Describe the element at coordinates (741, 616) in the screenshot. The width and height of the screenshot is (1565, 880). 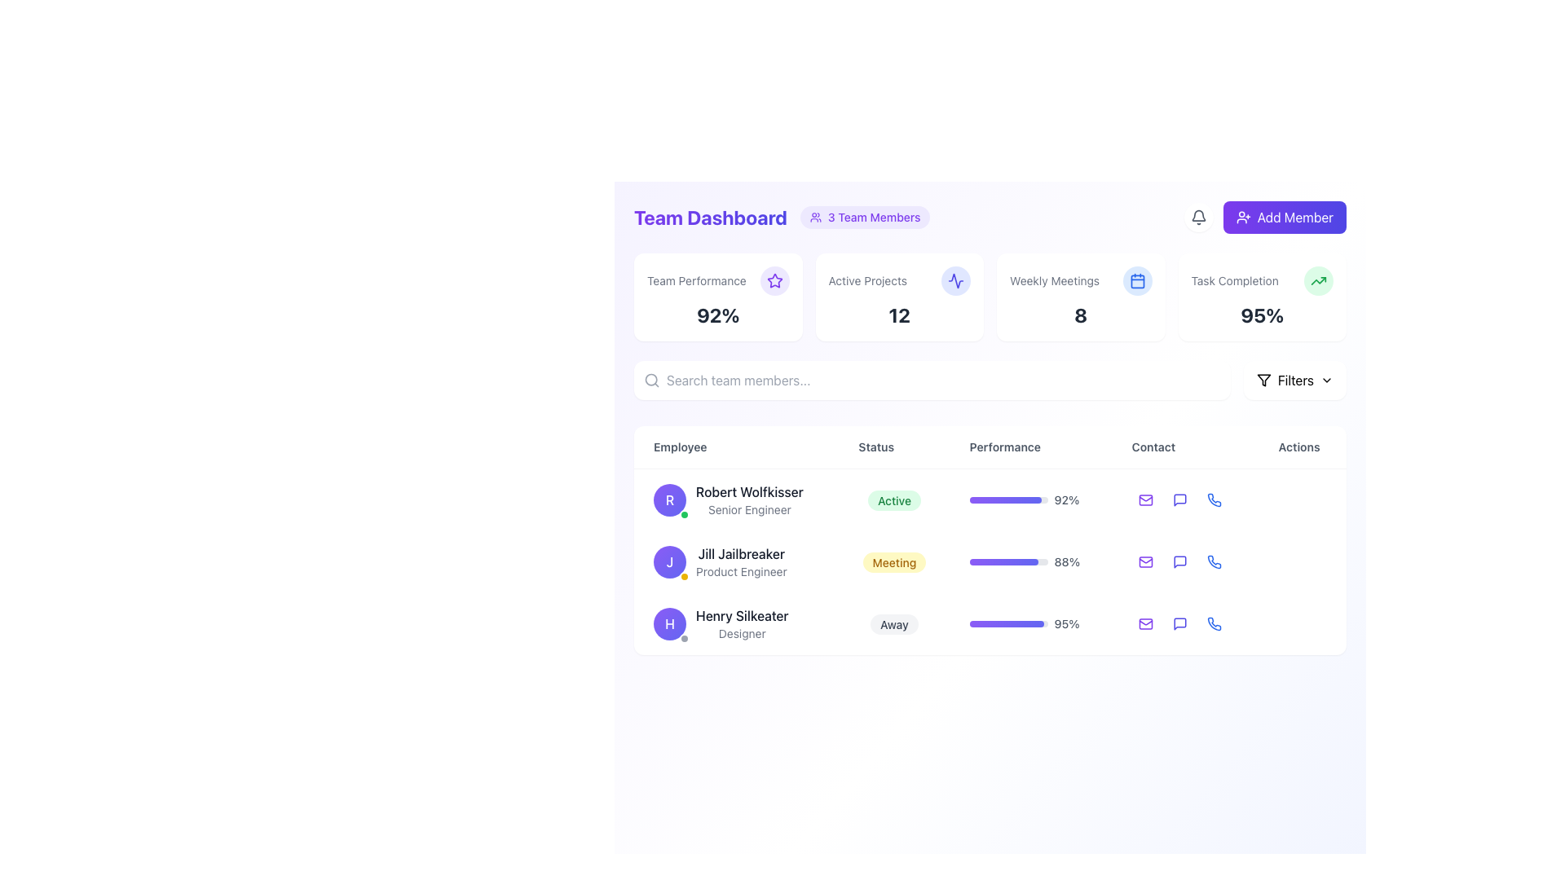
I see `the text display element containing the name 'Henry Silkeater' in the 'Employee' column` at that location.